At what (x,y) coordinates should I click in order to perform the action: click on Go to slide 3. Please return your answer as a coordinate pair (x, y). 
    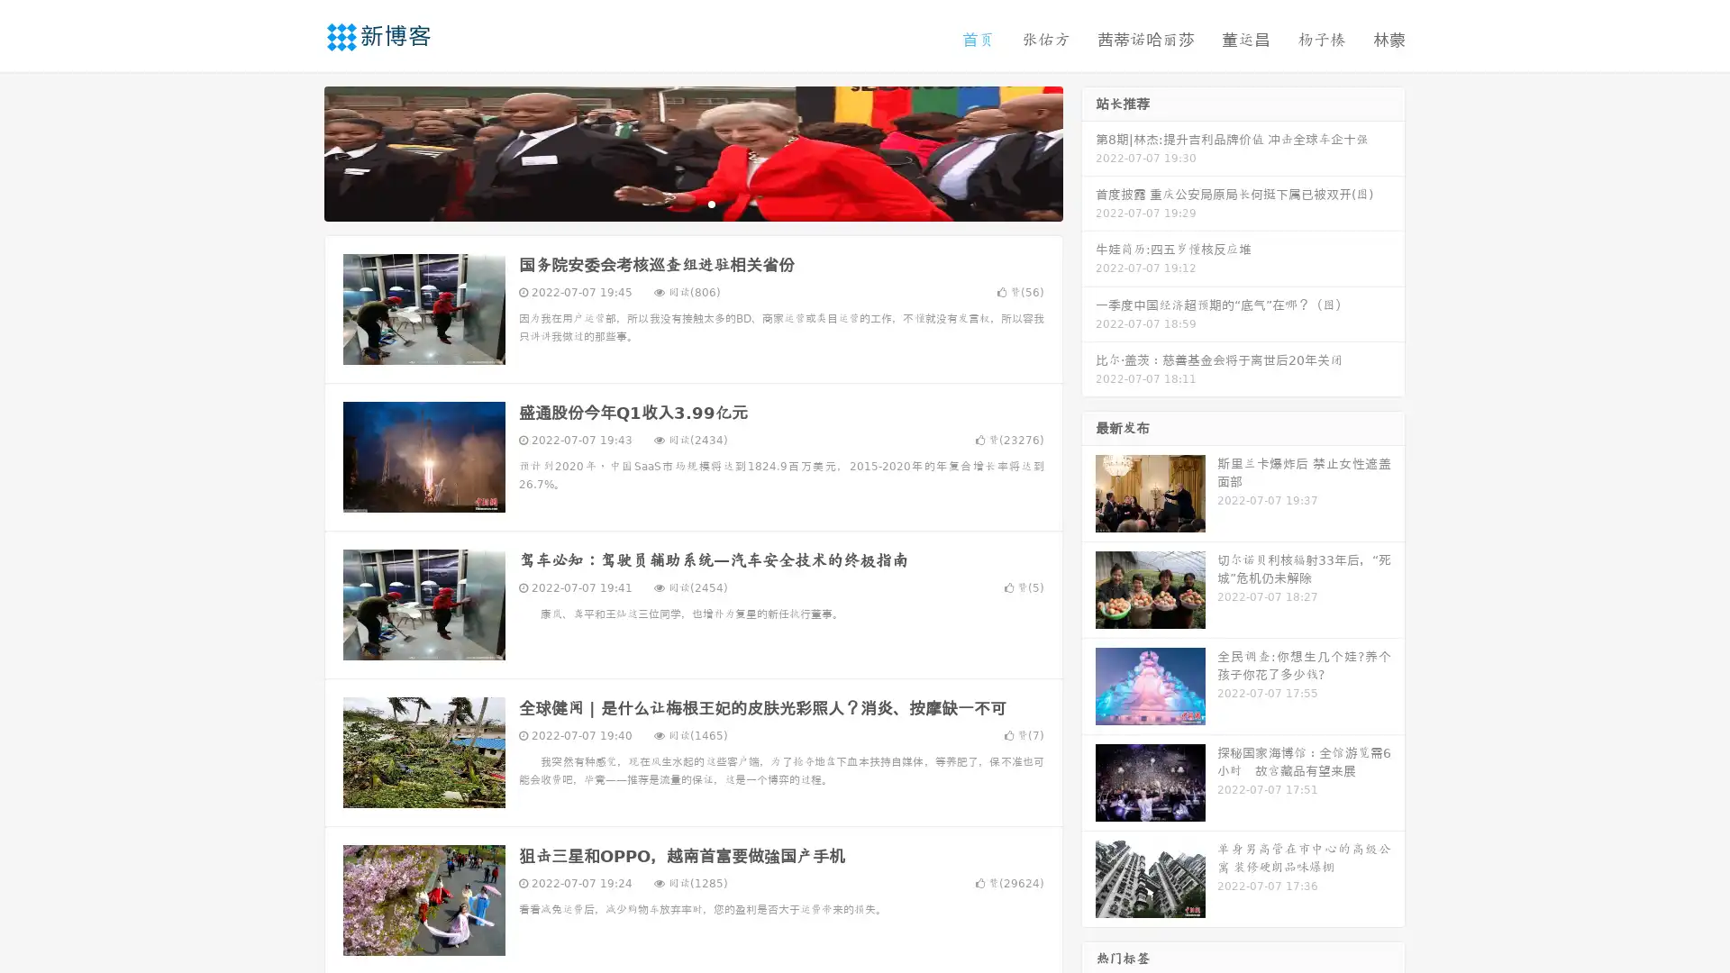
    Looking at the image, I should click on (711, 203).